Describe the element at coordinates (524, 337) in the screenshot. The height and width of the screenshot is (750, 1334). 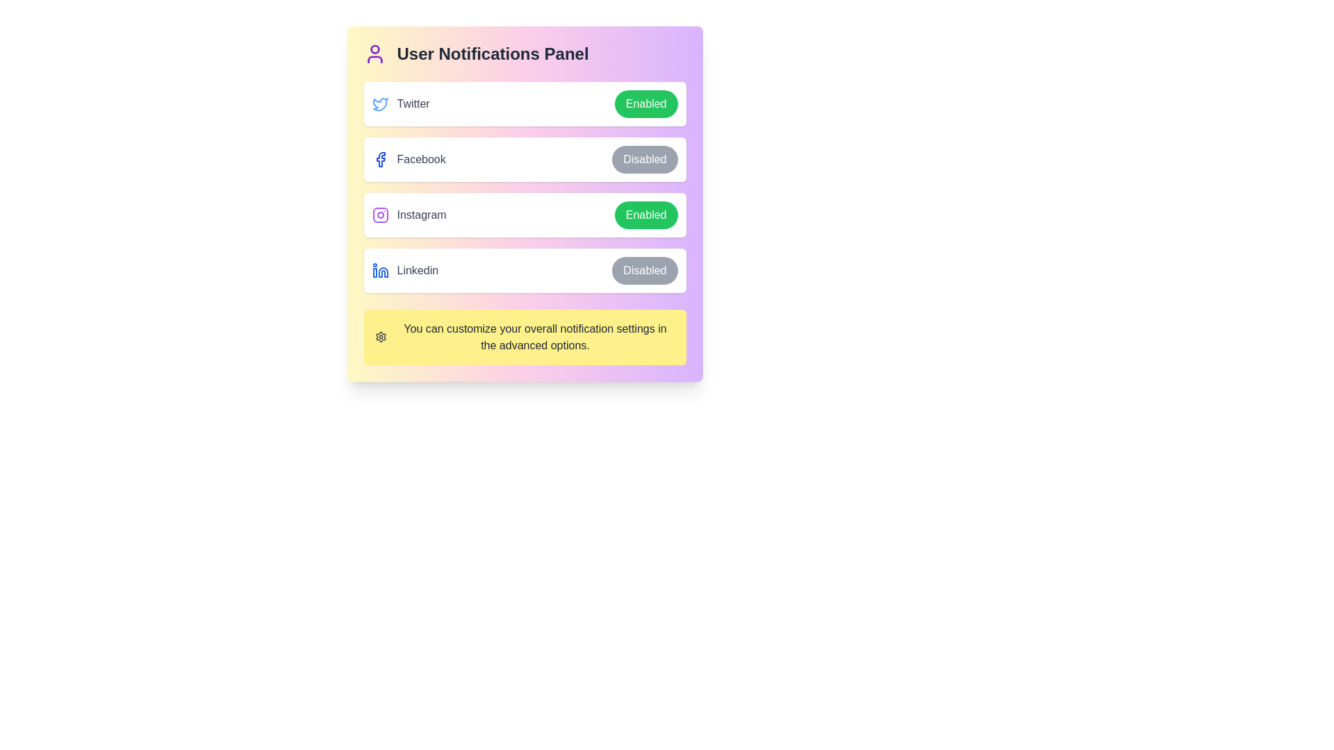
I see `informational text box with a yellow background and settings gear icon stating 'You can customize your overall notification settings in the advanced options.'` at that location.